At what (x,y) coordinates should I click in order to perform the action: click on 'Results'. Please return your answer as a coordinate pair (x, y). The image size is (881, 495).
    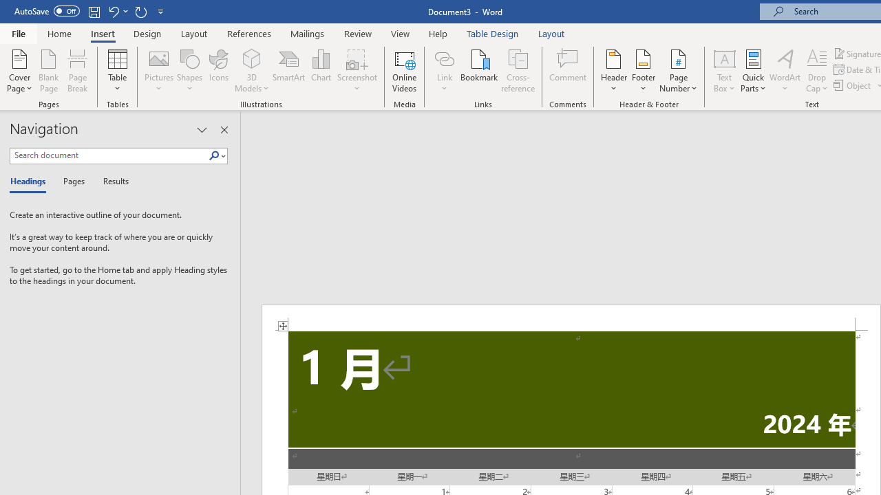
    Looking at the image, I should click on (111, 181).